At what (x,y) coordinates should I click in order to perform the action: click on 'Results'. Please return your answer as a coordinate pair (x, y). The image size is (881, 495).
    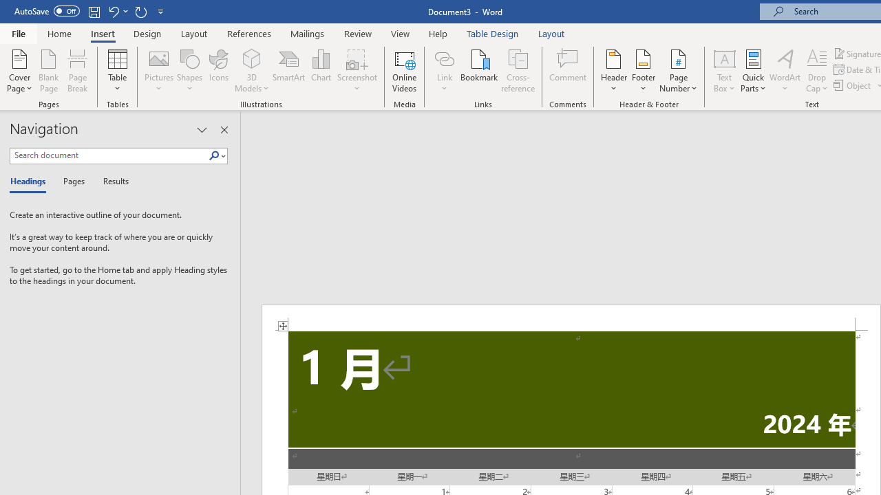
    Looking at the image, I should click on (111, 181).